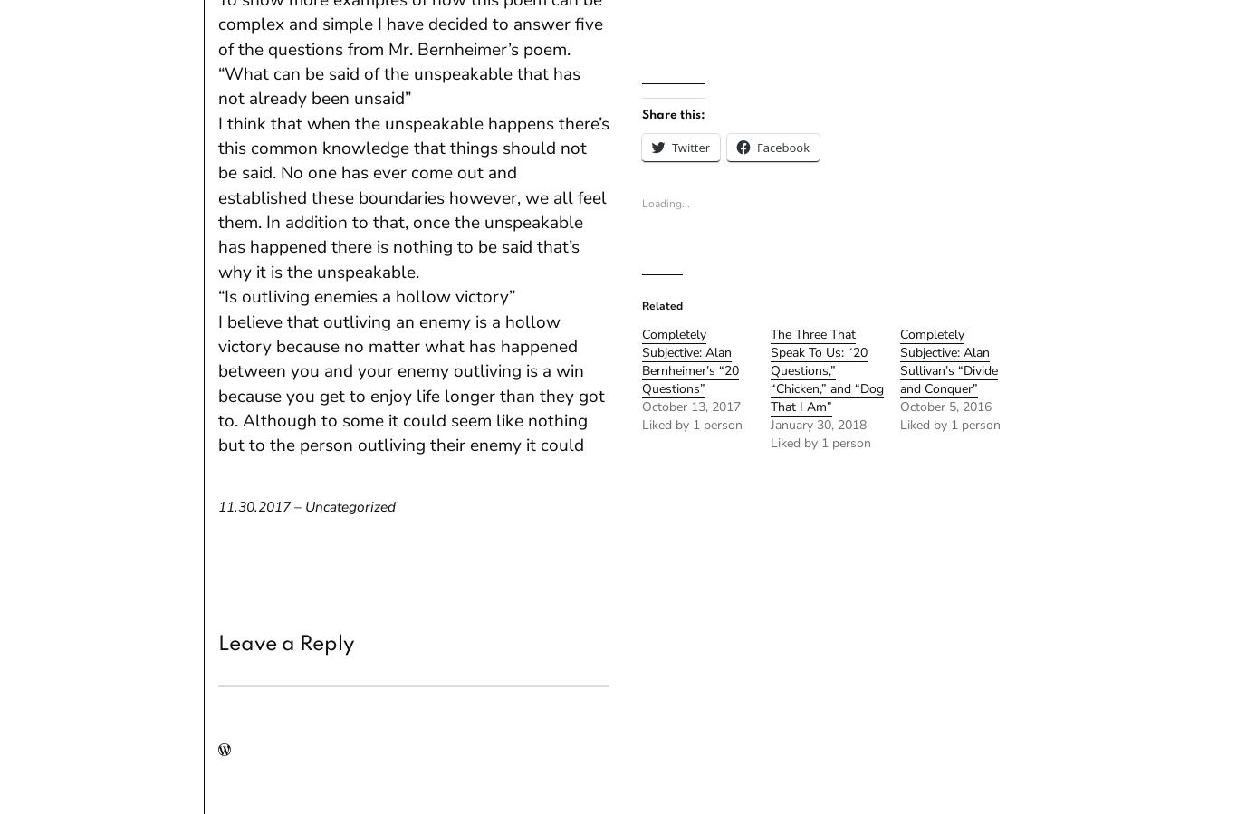  What do you see at coordinates (672, 114) in the screenshot?
I see `'Share this:'` at bounding box center [672, 114].